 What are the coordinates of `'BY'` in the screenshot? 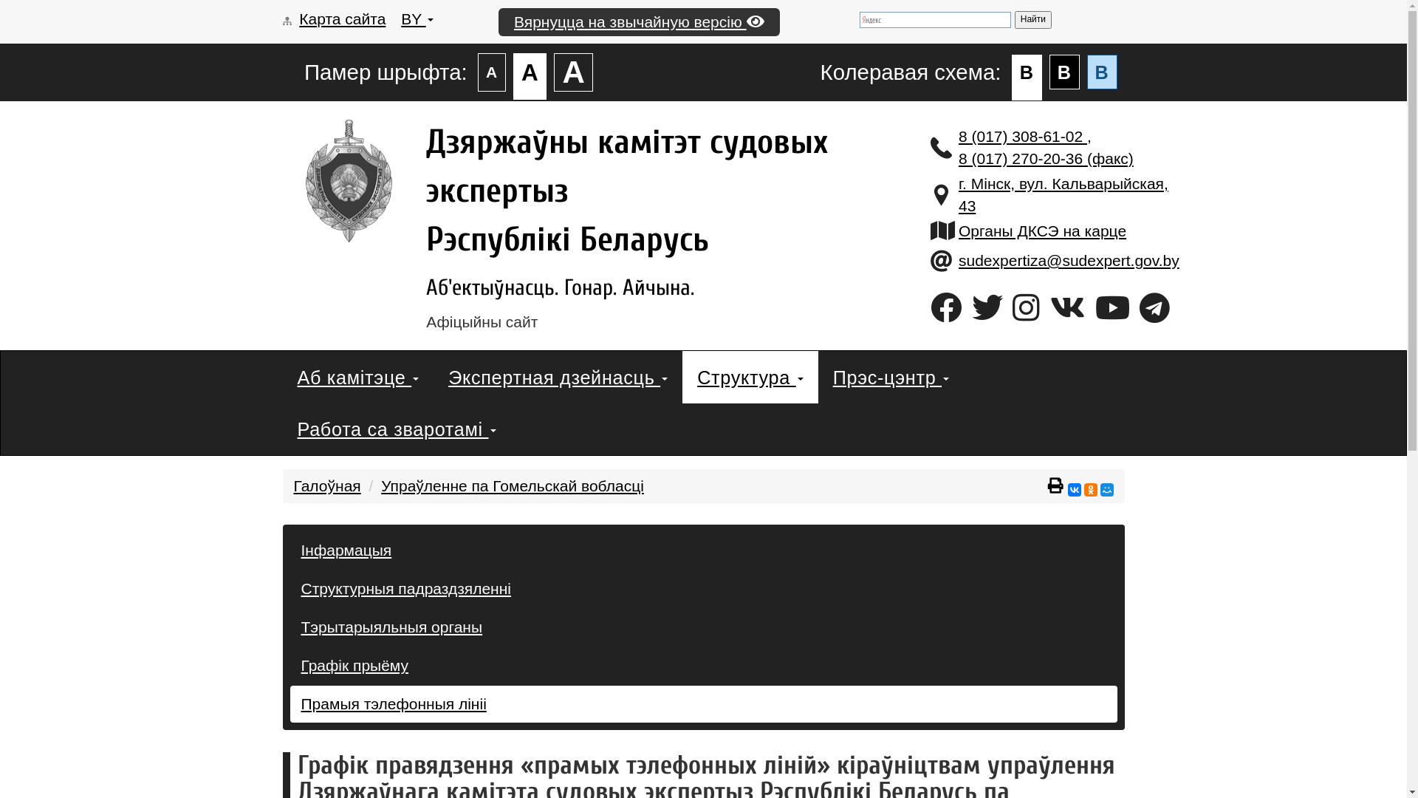 It's located at (400, 18).